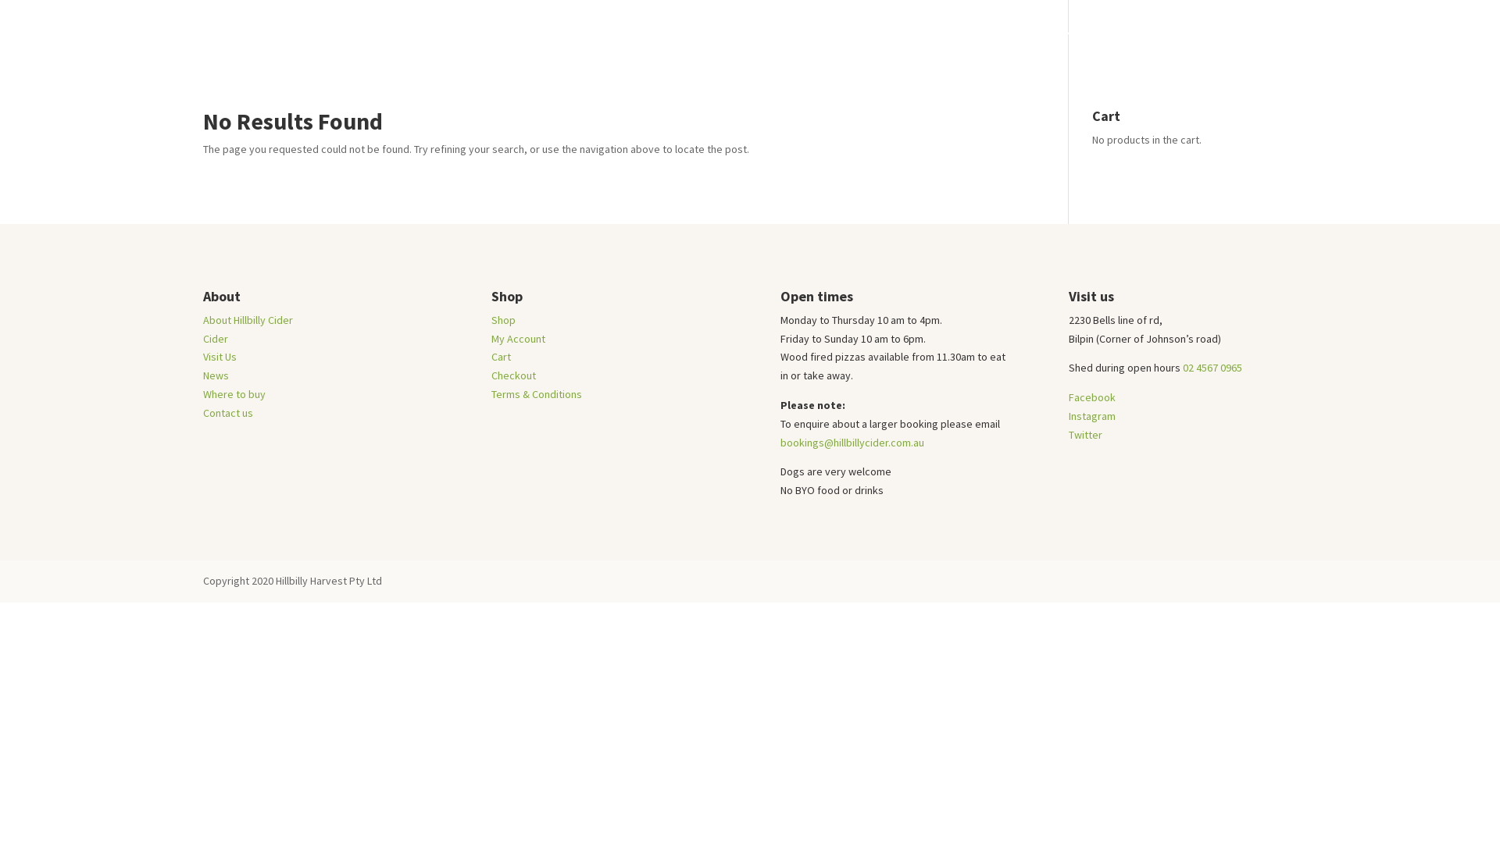  Describe the element at coordinates (843, 44) in the screenshot. I see `'Home'` at that location.